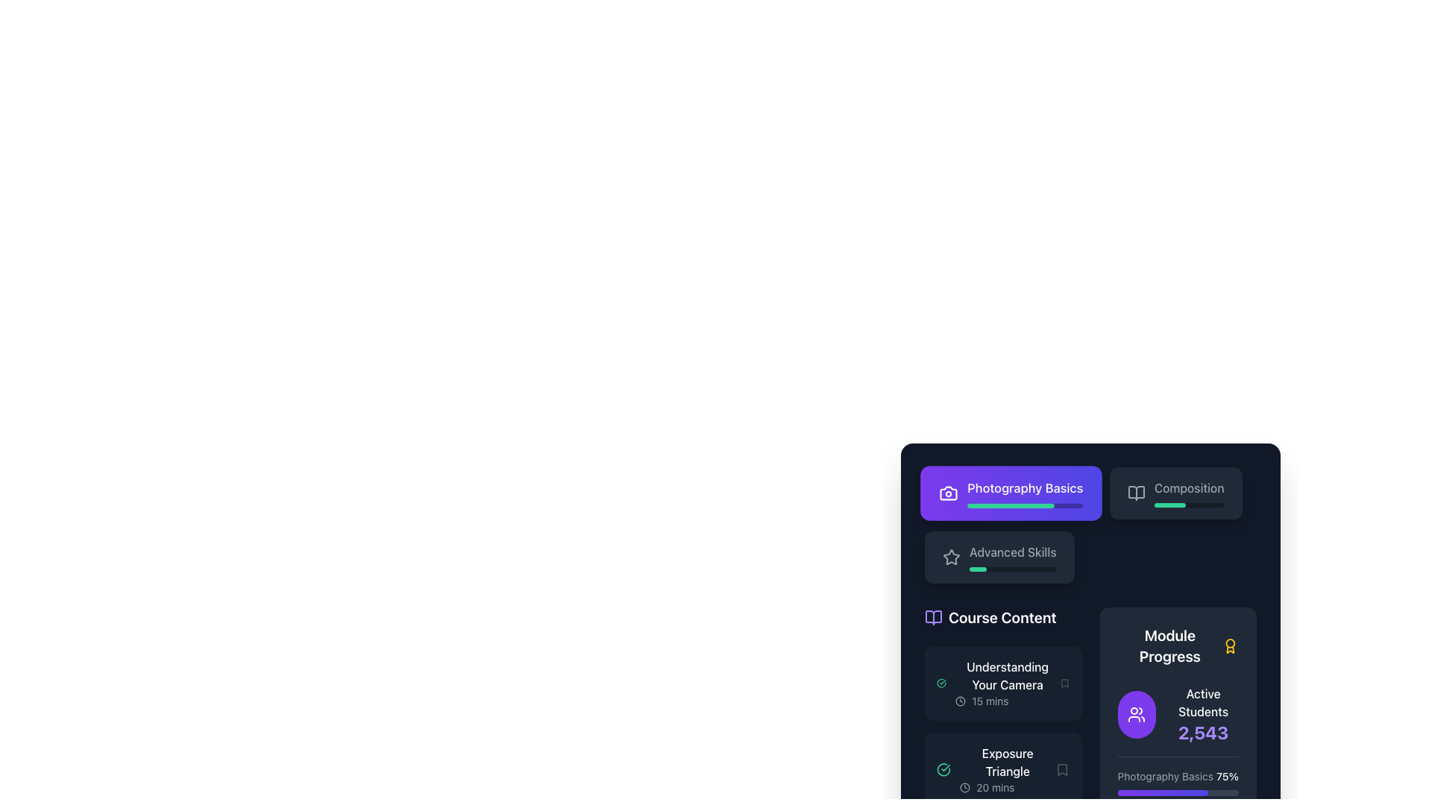 This screenshot has height=805, width=1432. Describe the element at coordinates (1090, 525) in the screenshot. I see `the 'Photography Basics' button with a gradient background and a camera icon` at that location.